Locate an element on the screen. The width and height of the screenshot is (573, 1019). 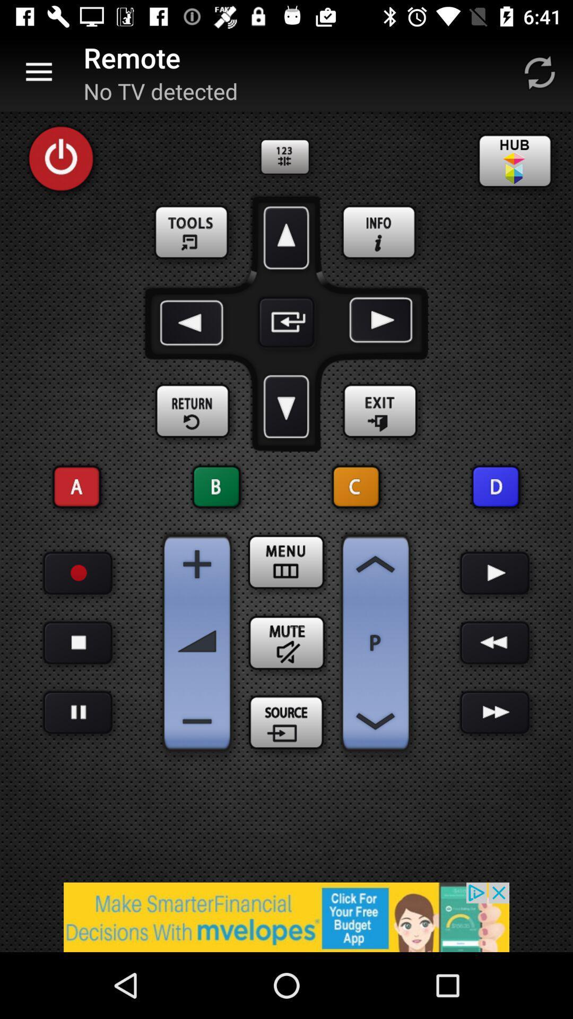
mute option is located at coordinates (286, 642).